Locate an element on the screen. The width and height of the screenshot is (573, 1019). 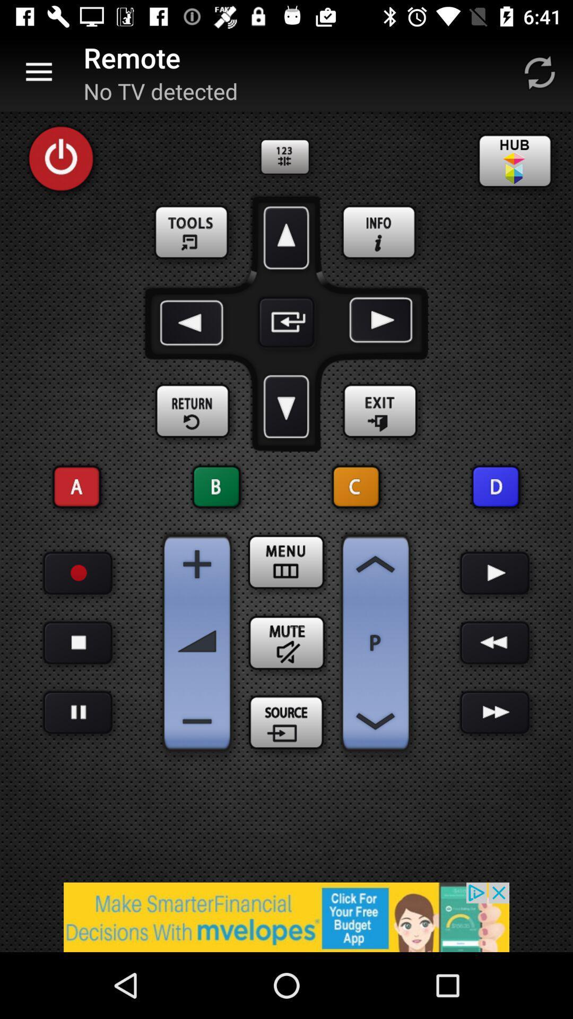
mute option is located at coordinates (286, 642).